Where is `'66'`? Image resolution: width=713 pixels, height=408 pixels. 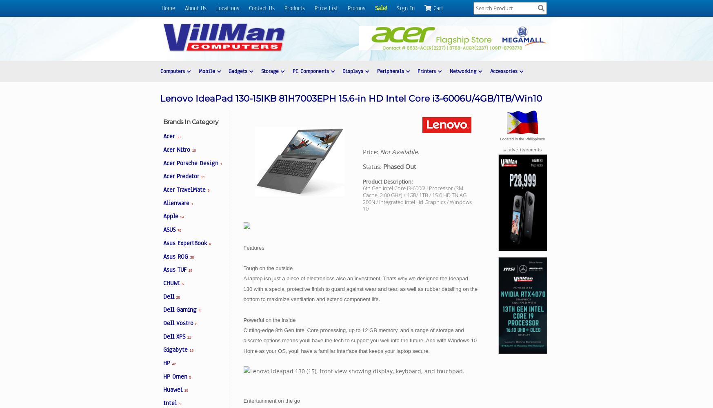
'66' is located at coordinates (176, 137).